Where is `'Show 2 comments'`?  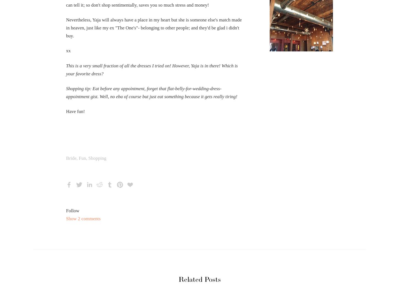
'Show 2 comments' is located at coordinates (83, 219).